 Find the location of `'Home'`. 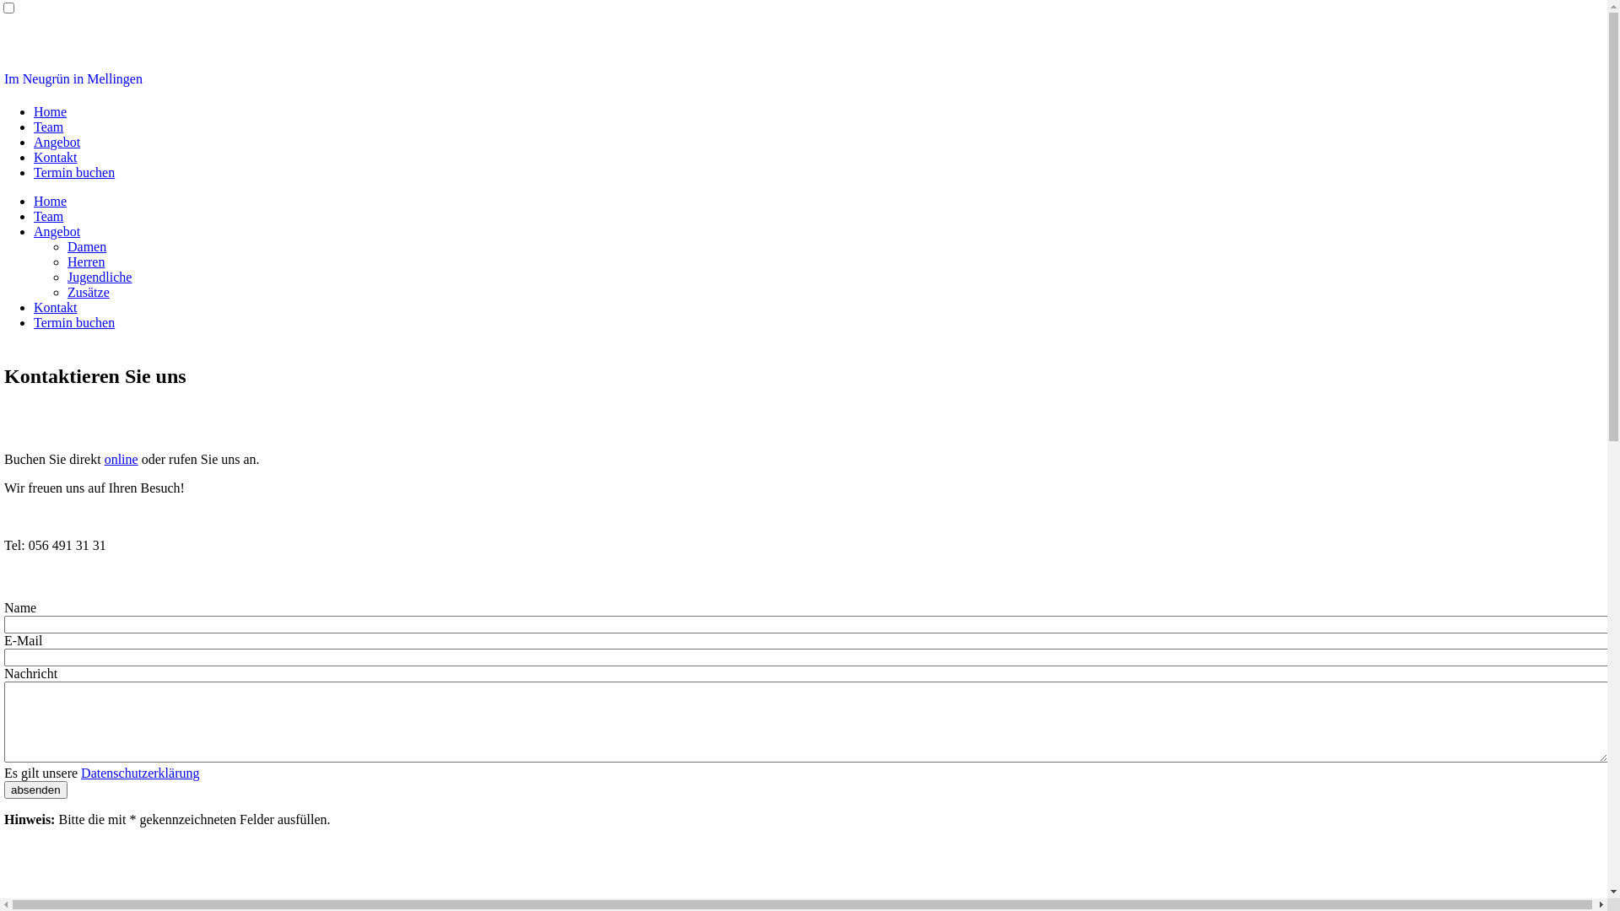

'Home' is located at coordinates (50, 111).